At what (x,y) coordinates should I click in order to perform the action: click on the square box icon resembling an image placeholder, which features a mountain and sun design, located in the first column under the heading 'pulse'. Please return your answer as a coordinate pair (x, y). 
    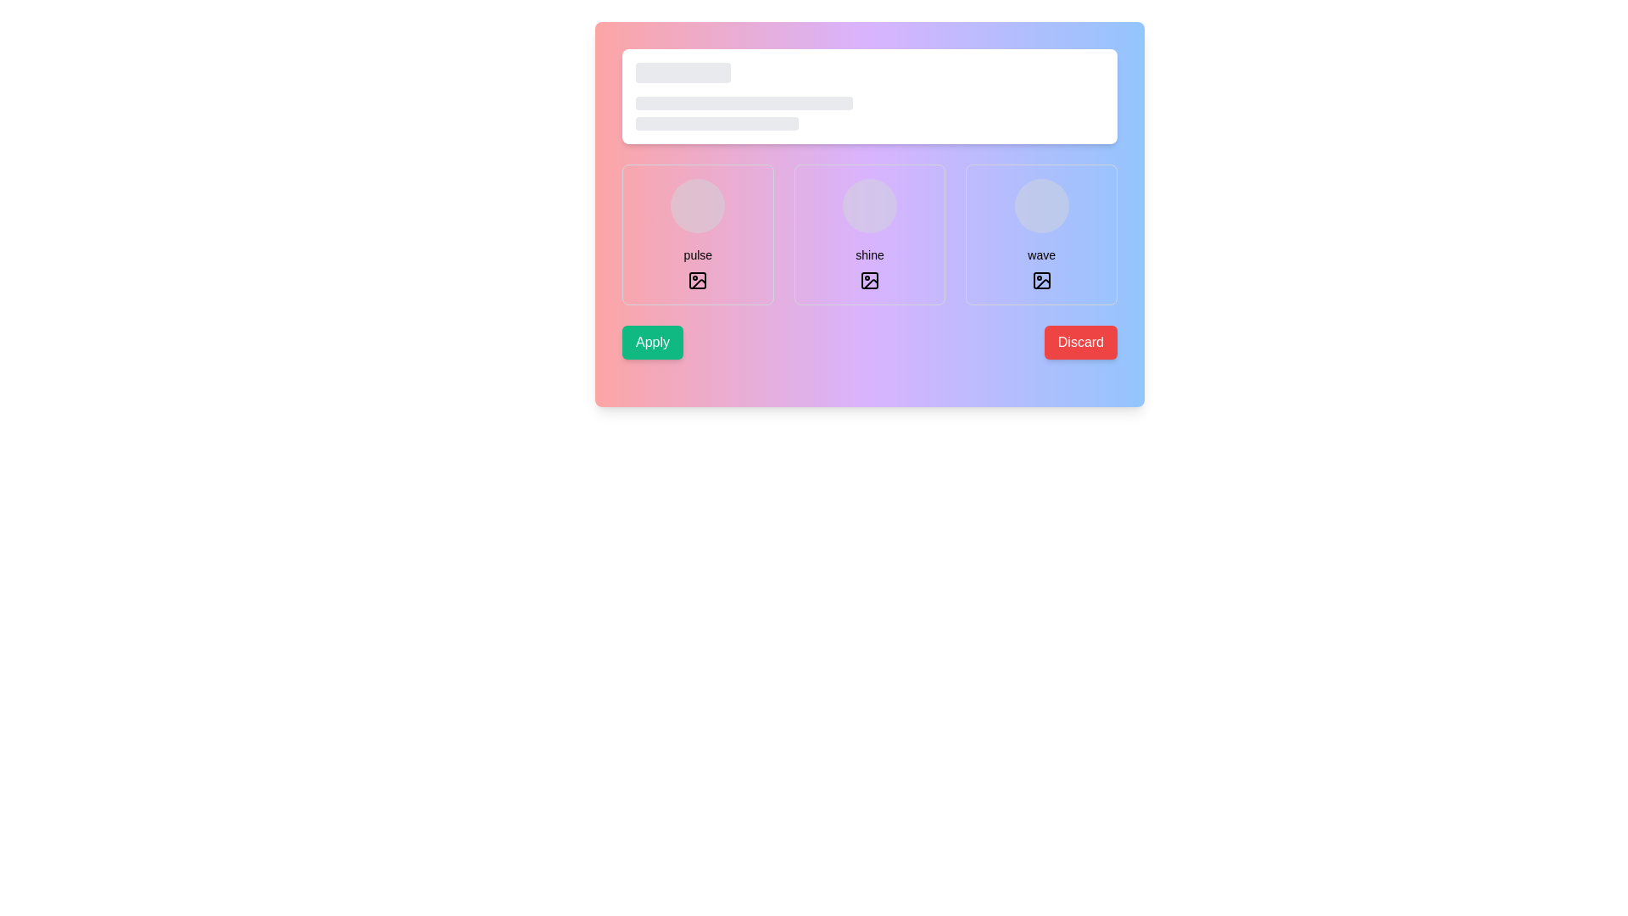
    Looking at the image, I should click on (698, 280).